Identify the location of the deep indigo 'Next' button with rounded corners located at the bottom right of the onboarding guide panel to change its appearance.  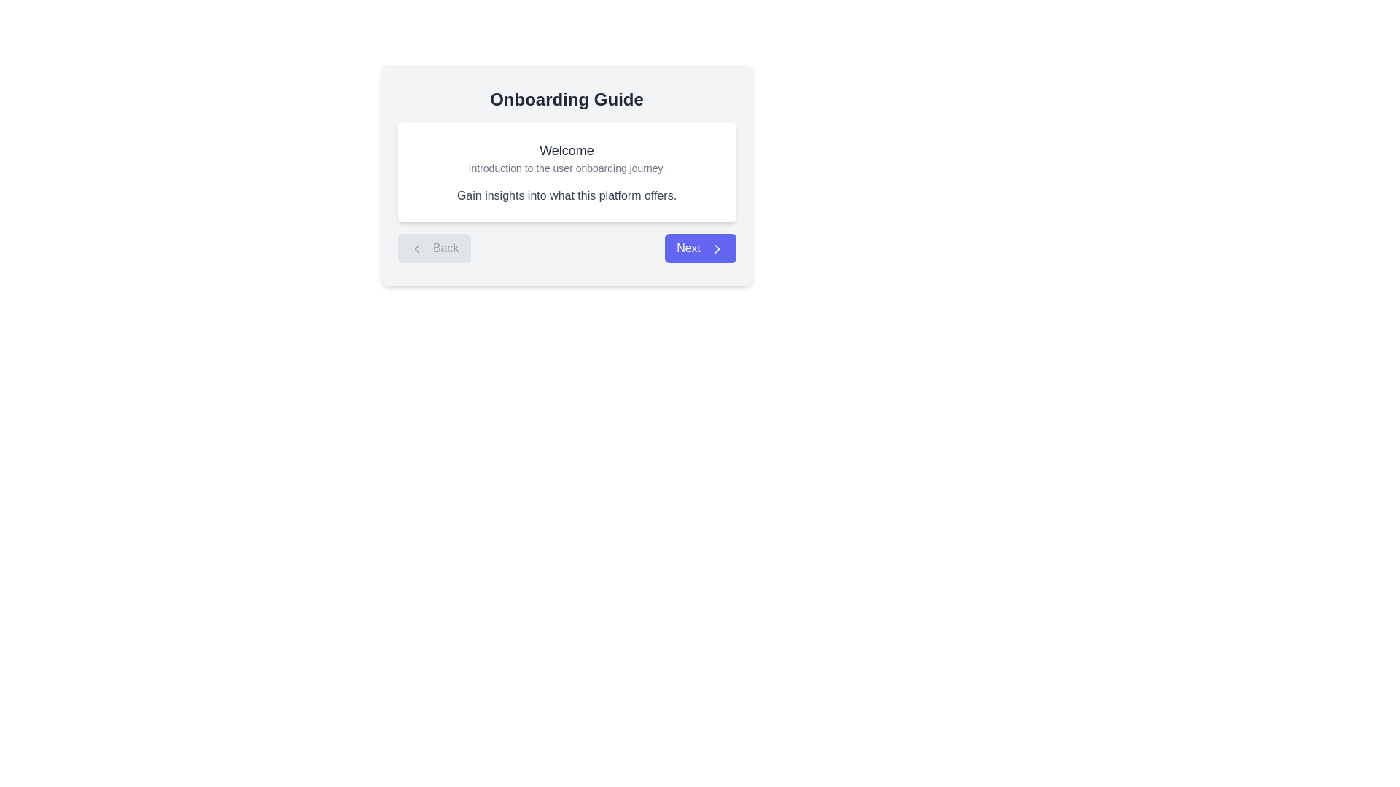
(700, 247).